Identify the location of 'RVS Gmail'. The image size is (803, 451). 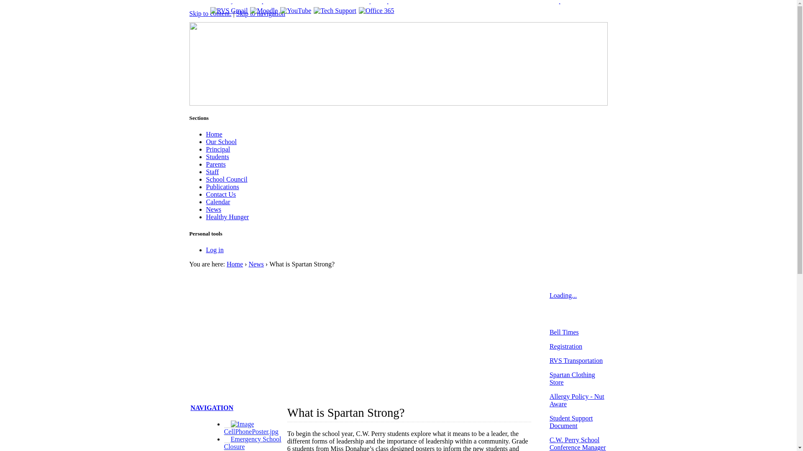
(210, 10).